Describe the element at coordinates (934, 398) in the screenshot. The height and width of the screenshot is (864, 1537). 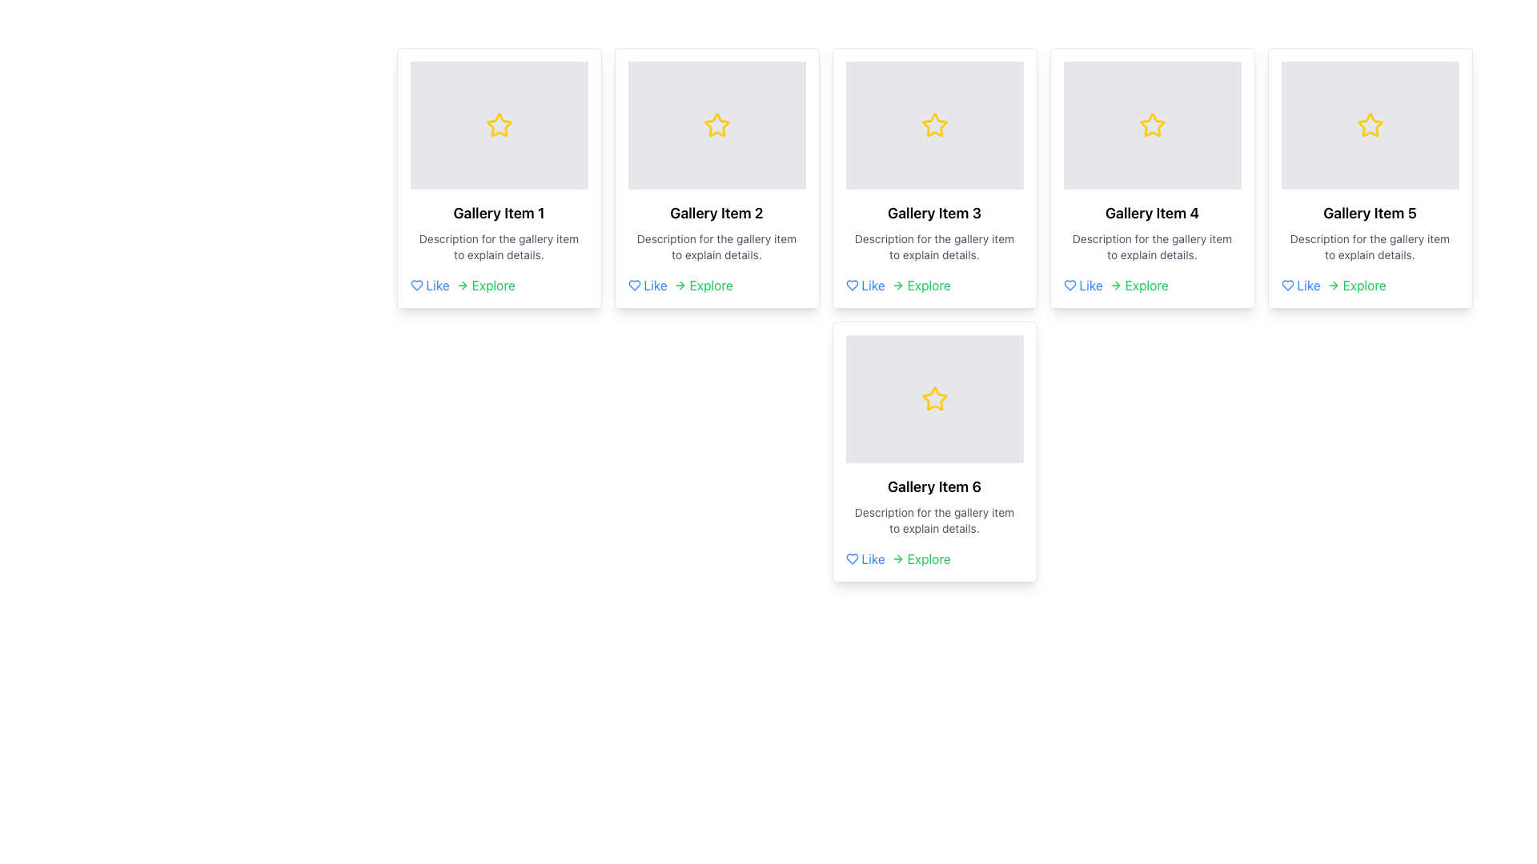
I see `the centered yellow star icon within the light gray rectangular area at the top section of 'Gallery Item 6' card` at that location.